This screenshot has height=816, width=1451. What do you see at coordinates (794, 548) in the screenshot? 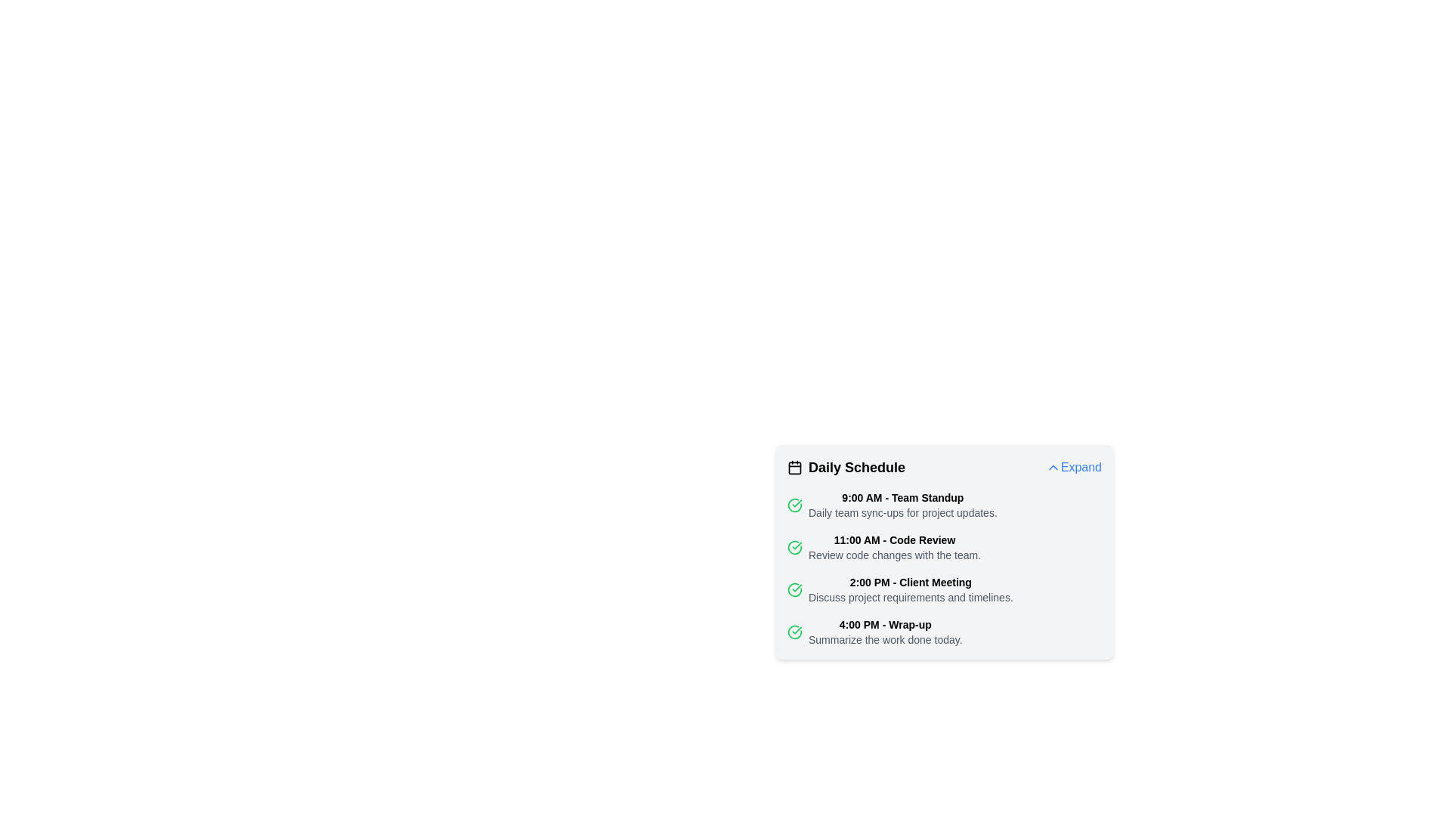
I see `associated text of the completion indicator icon for the 'Code Review' activity located at 11:00 AM` at bounding box center [794, 548].